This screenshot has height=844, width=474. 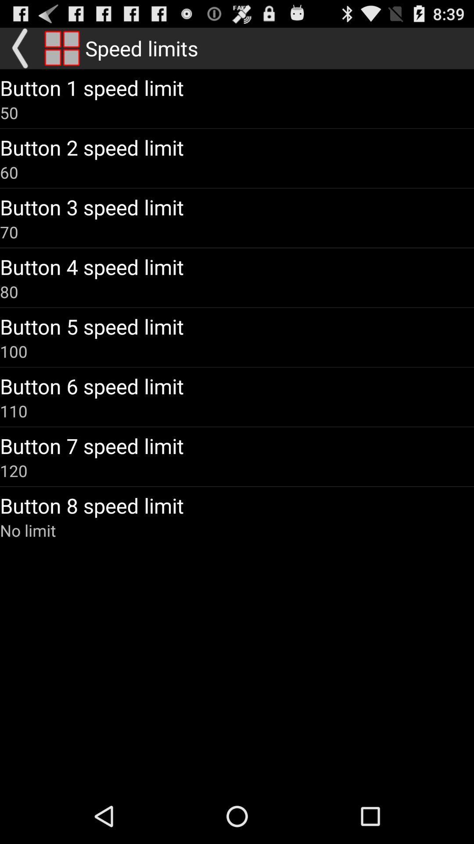 What do you see at coordinates (14, 351) in the screenshot?
I see `the 100` at bounding box center [14, 351].